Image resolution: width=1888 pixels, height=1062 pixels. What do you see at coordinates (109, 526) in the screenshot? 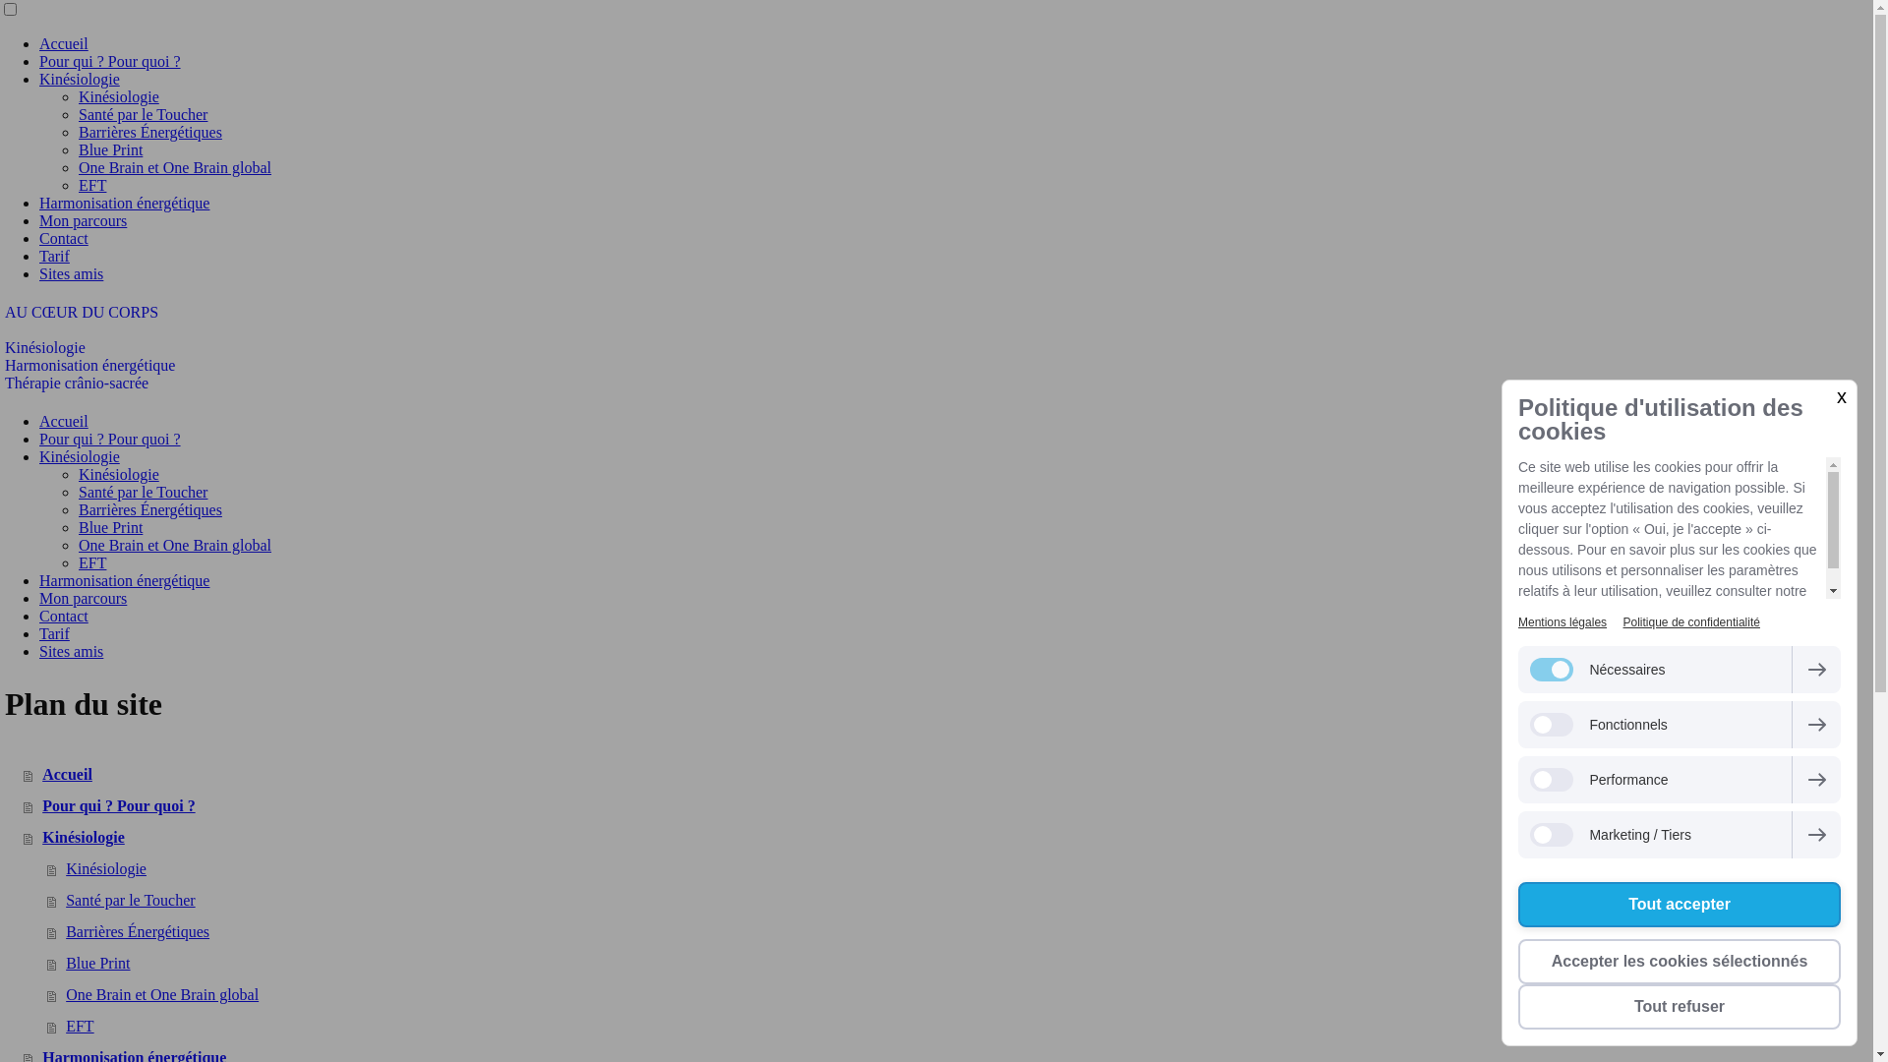
I see `'Blue Print'` at bounding box center [109, 526].